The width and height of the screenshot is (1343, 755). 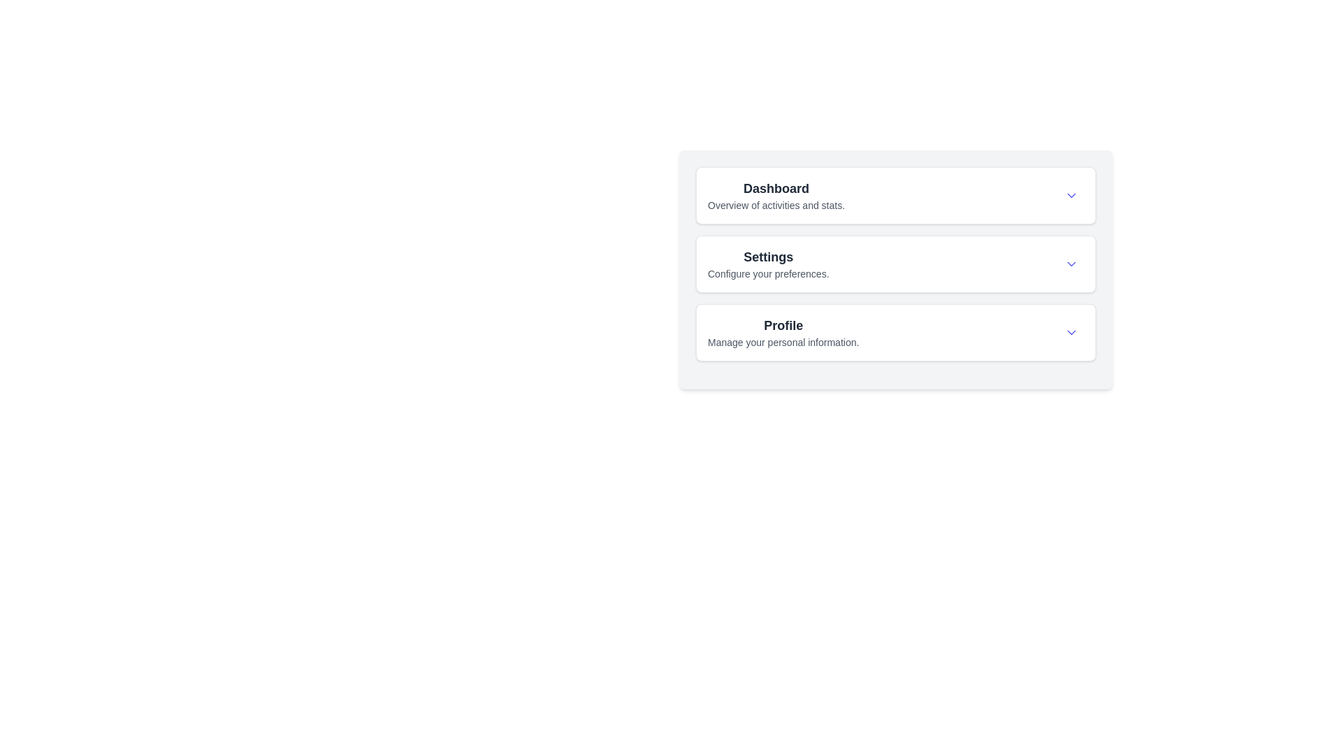 I want to click on the 'Settings' button, which features a bold title and a description, located in a vertical list between 'Dashboard' and 'Profile', so click(x=896, y=264).